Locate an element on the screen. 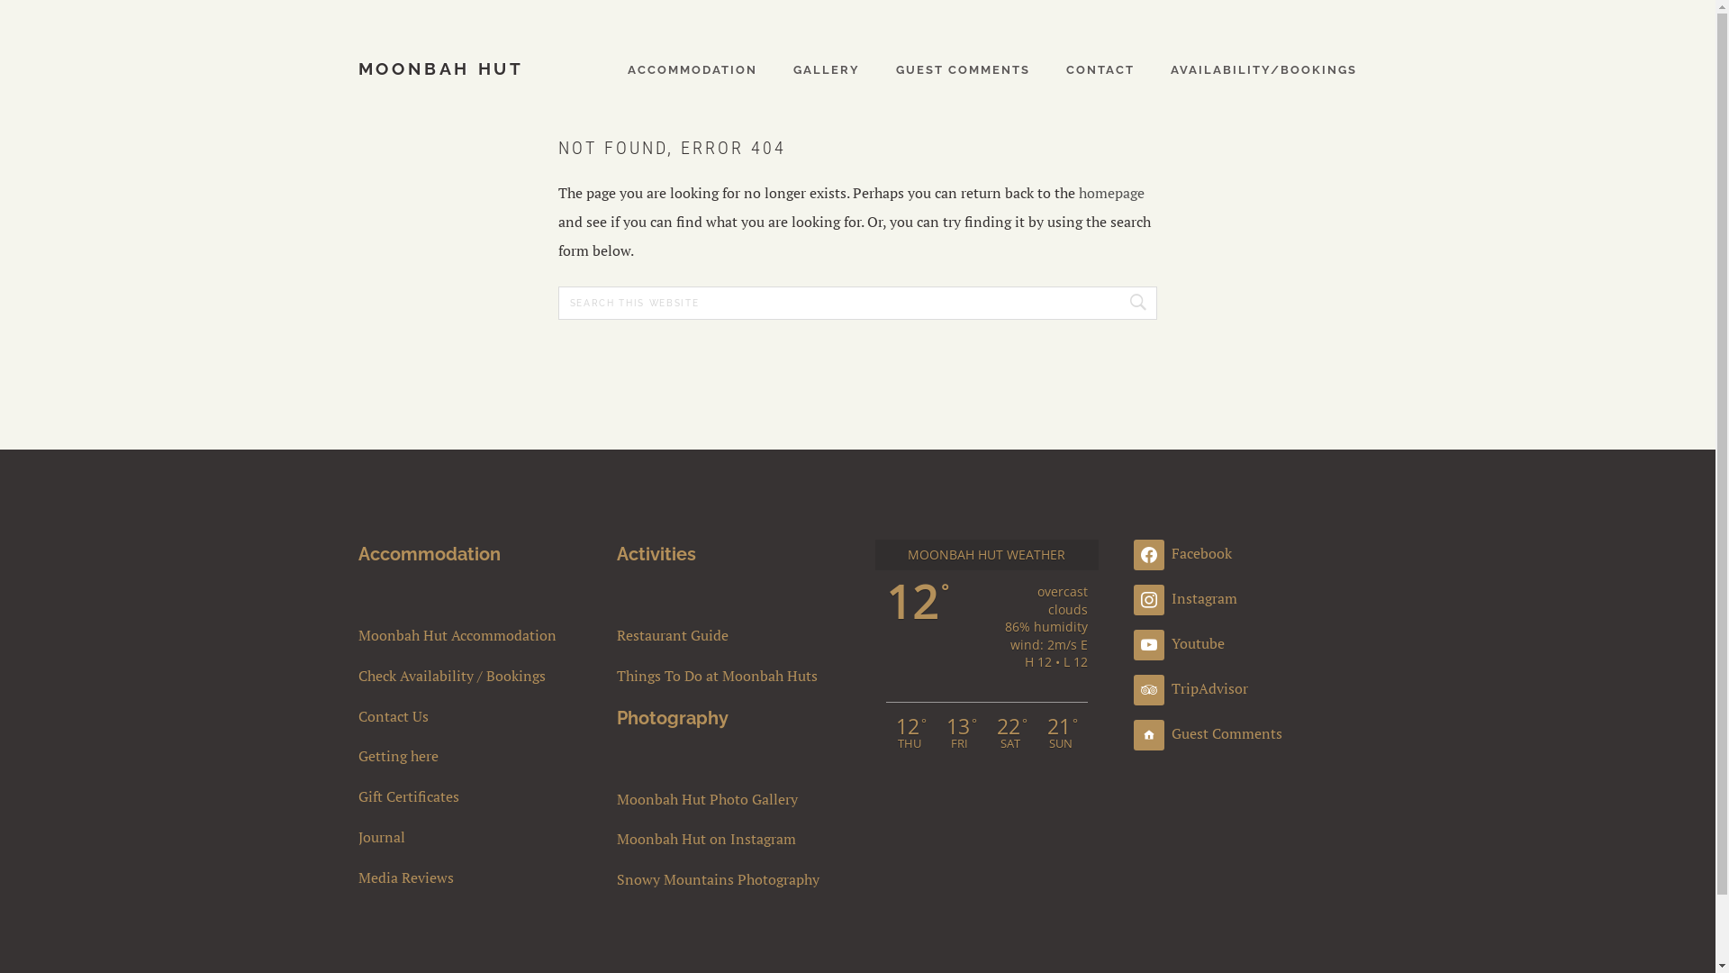 Image resolution: width=1729 pixels, height=973 pixels. 'GUEST COMMENTS' is located at coordinates (962, 68).